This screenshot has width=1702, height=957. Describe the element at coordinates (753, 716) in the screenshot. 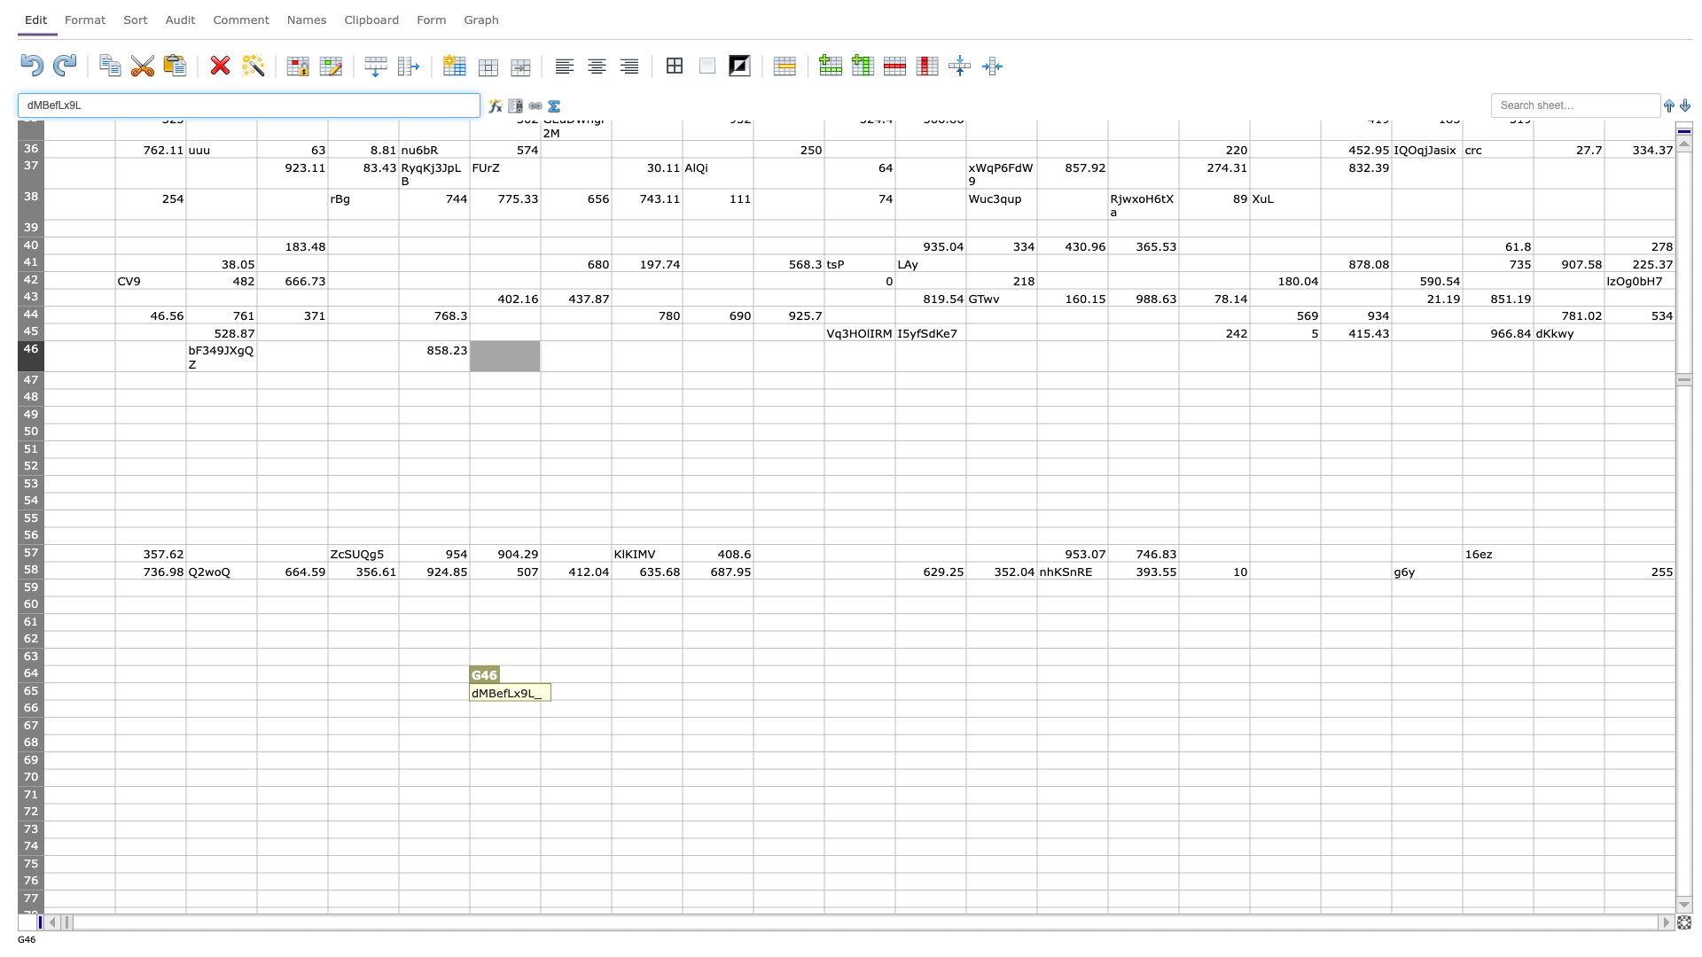

I see `bottom right corner of J66` at that location.